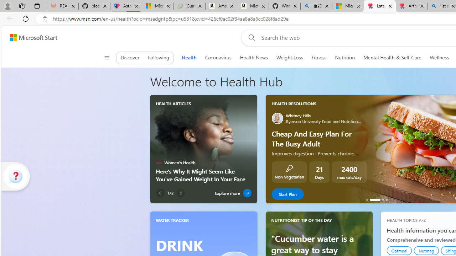 The height and width of the screenshot is (256, 456). What do you see at coordinates (426, 250) in the screenshot?
I see `'Nutmeg'` at bounding box center [426, 250].